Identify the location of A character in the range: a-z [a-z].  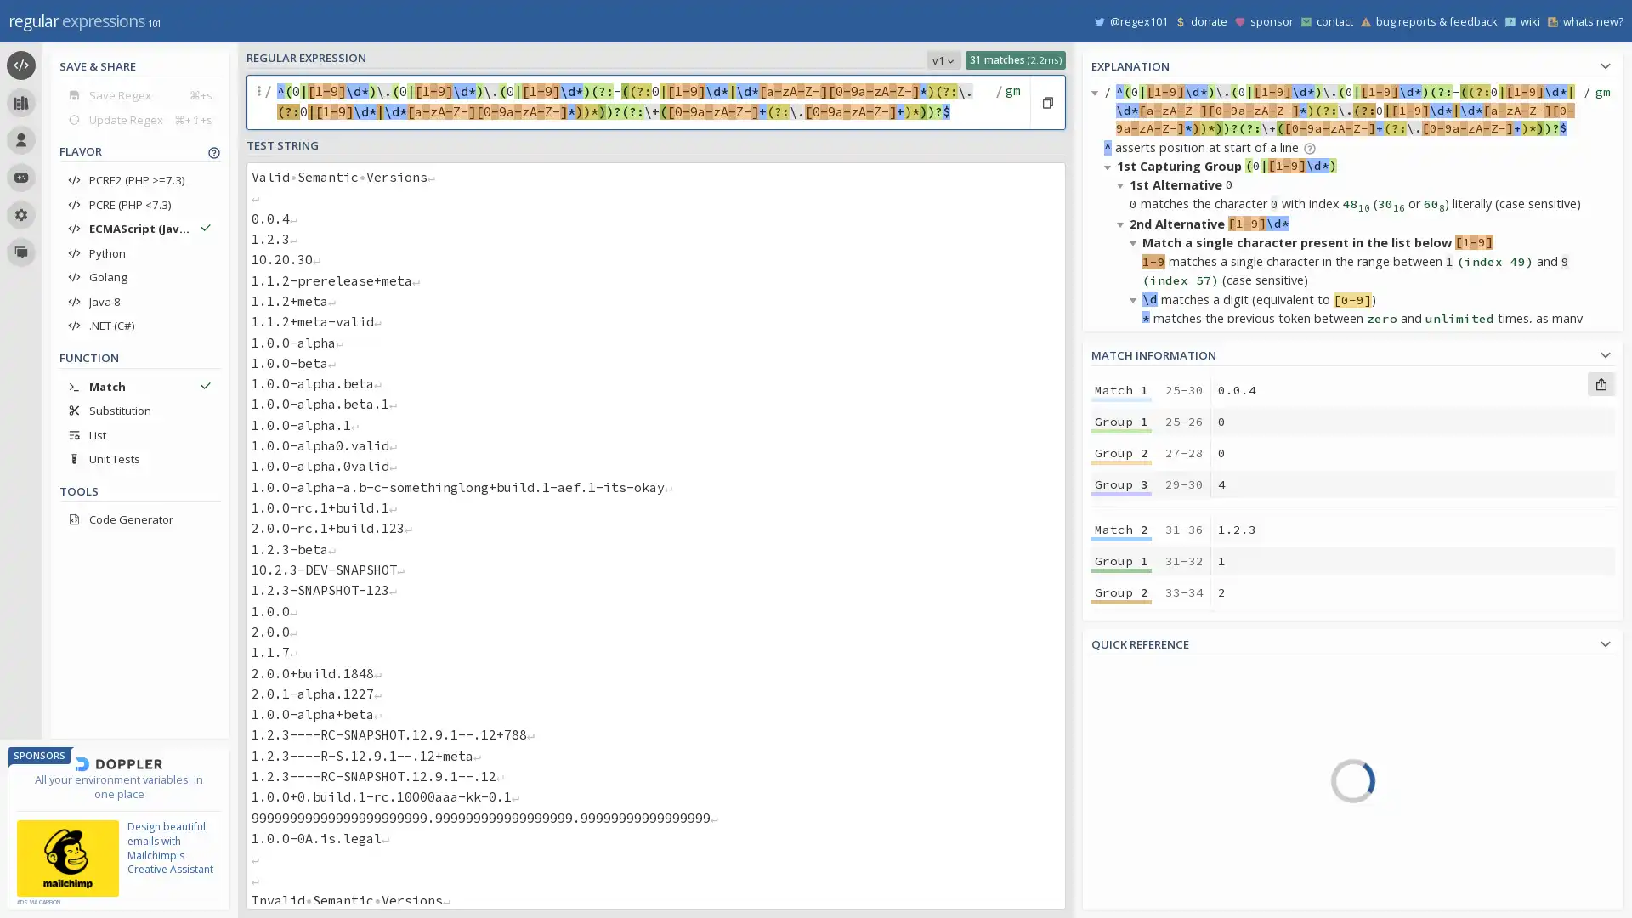
(1437, 721).